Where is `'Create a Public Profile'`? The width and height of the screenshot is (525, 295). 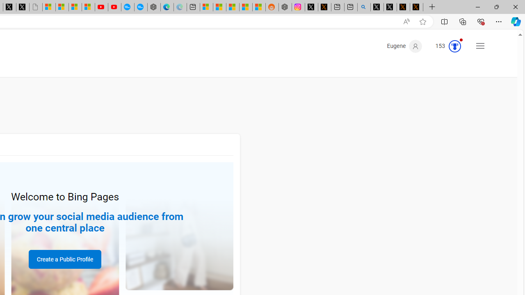
'Create a Public Profile' is located at coordinates (64, 259).